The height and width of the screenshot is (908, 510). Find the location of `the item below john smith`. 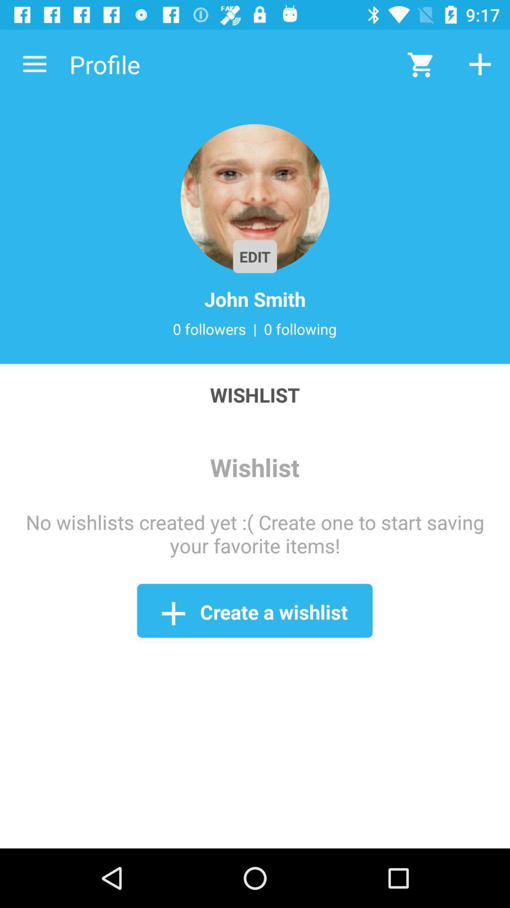

the item below john smith is located at coordinates (209, 329).